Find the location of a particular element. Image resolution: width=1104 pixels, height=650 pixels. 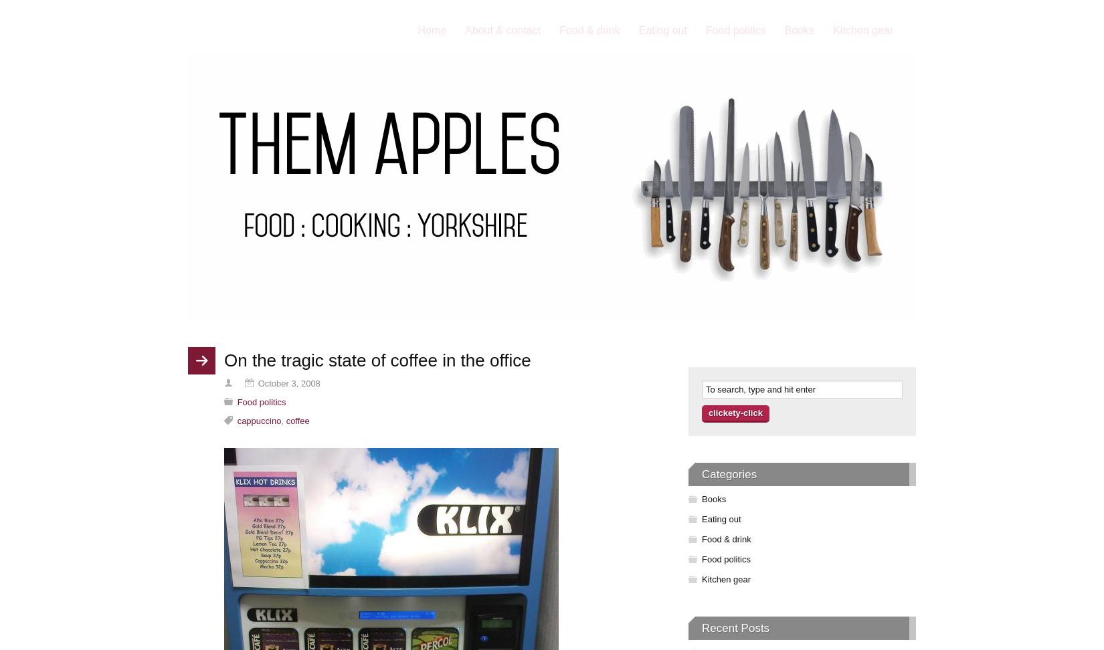

'Categories' is located at coordinates (729, 473).